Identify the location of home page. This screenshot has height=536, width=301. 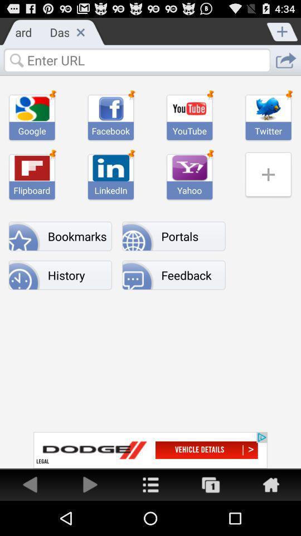
(270, 484).